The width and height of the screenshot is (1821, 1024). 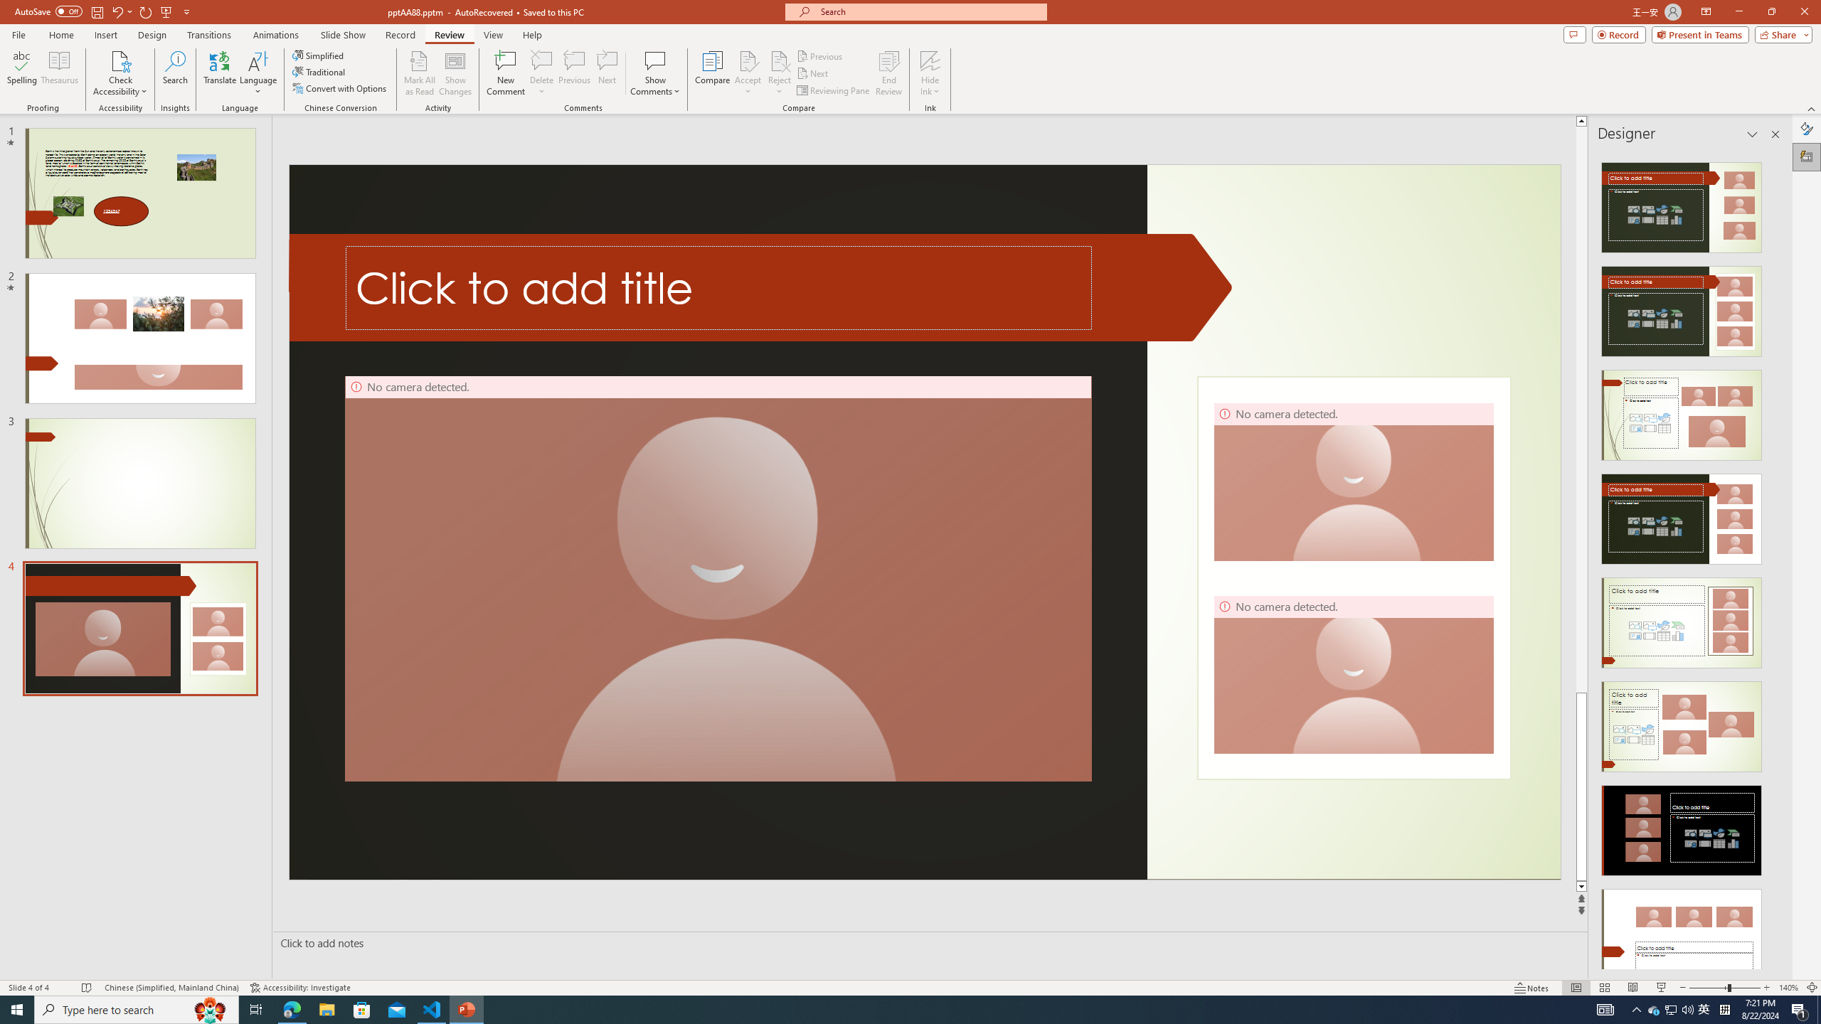 I want to click on 'Recommended Design: Design Idea', so click(x=1682, y=202).